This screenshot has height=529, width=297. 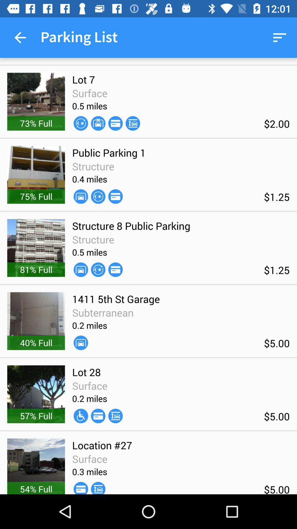 What do you see at coordinates (98, 416) in the screenshot?
I see `the item below 0.2 miles icon` at bounding box center [98, 416].